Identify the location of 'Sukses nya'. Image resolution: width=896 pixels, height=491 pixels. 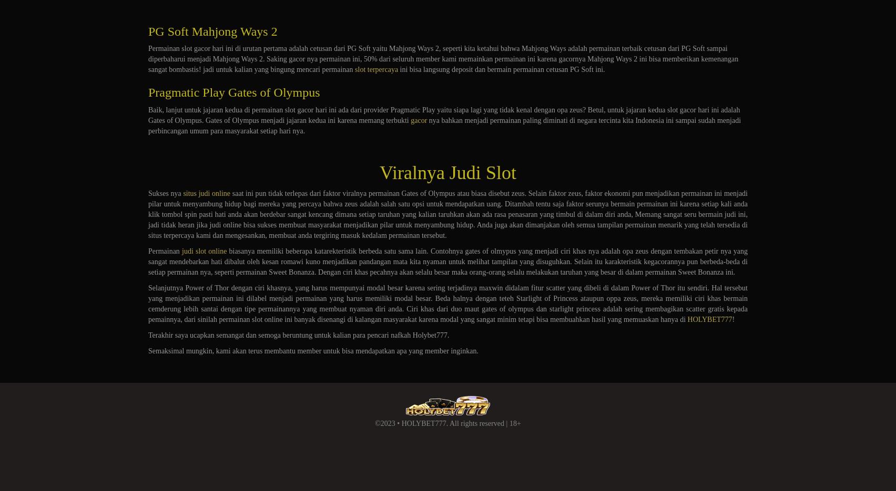
(148, 193).